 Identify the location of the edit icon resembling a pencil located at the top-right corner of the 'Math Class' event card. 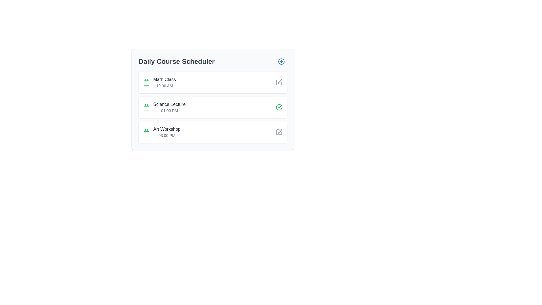
(279, 82).